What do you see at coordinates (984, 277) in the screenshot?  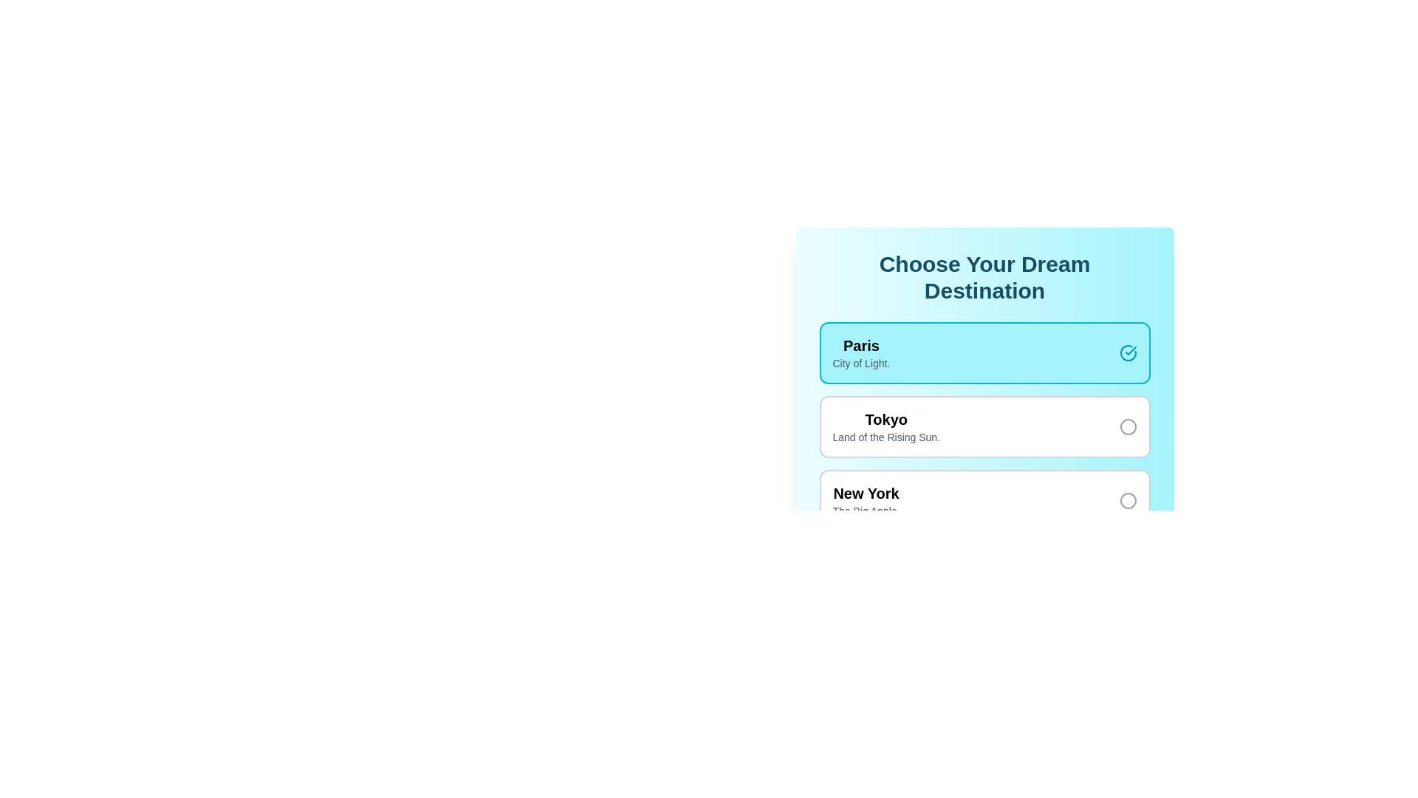 I see `the heading element that introduces selectable destination options, positioned at the top of the list` at bounding box center [984, 277].